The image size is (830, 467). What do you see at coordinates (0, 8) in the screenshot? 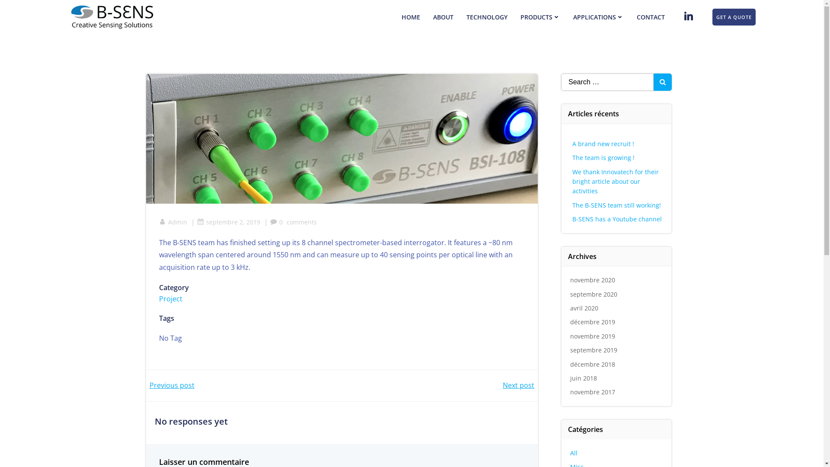
I see `'Search '` at bounding box center [0, 8].